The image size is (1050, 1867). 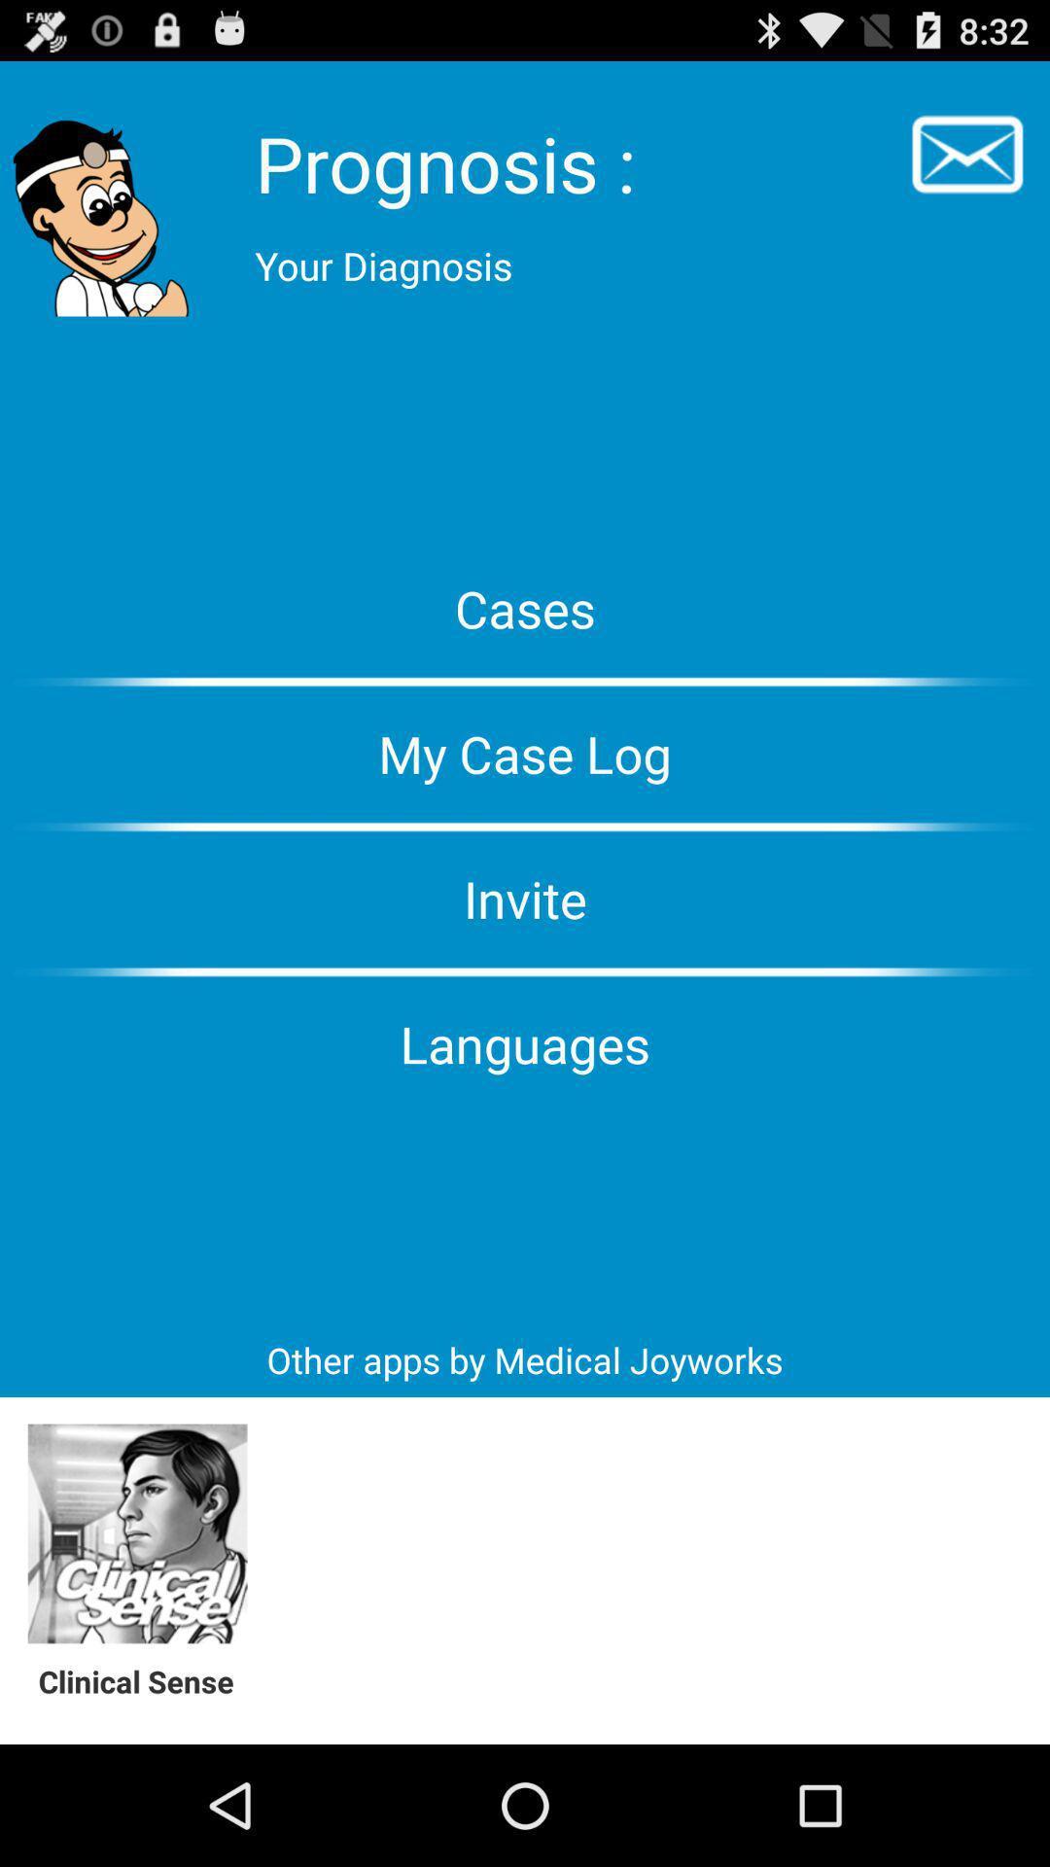 I want to click on item above clinical sense icon, so click(x=136, y=1533).